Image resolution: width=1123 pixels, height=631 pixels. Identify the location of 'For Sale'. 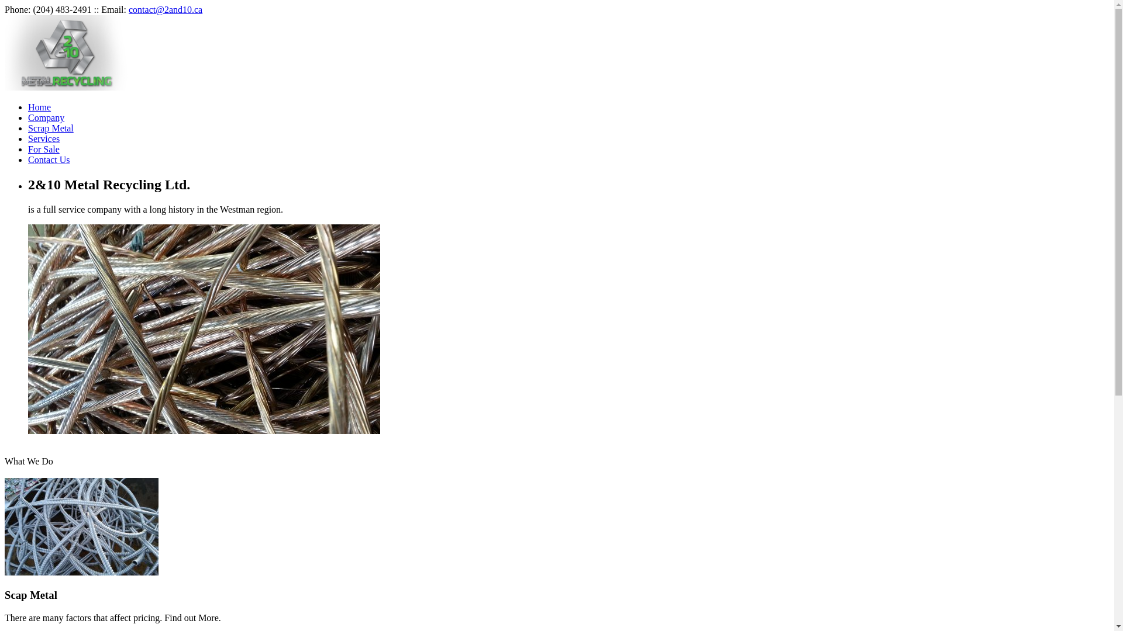
(28, 148).